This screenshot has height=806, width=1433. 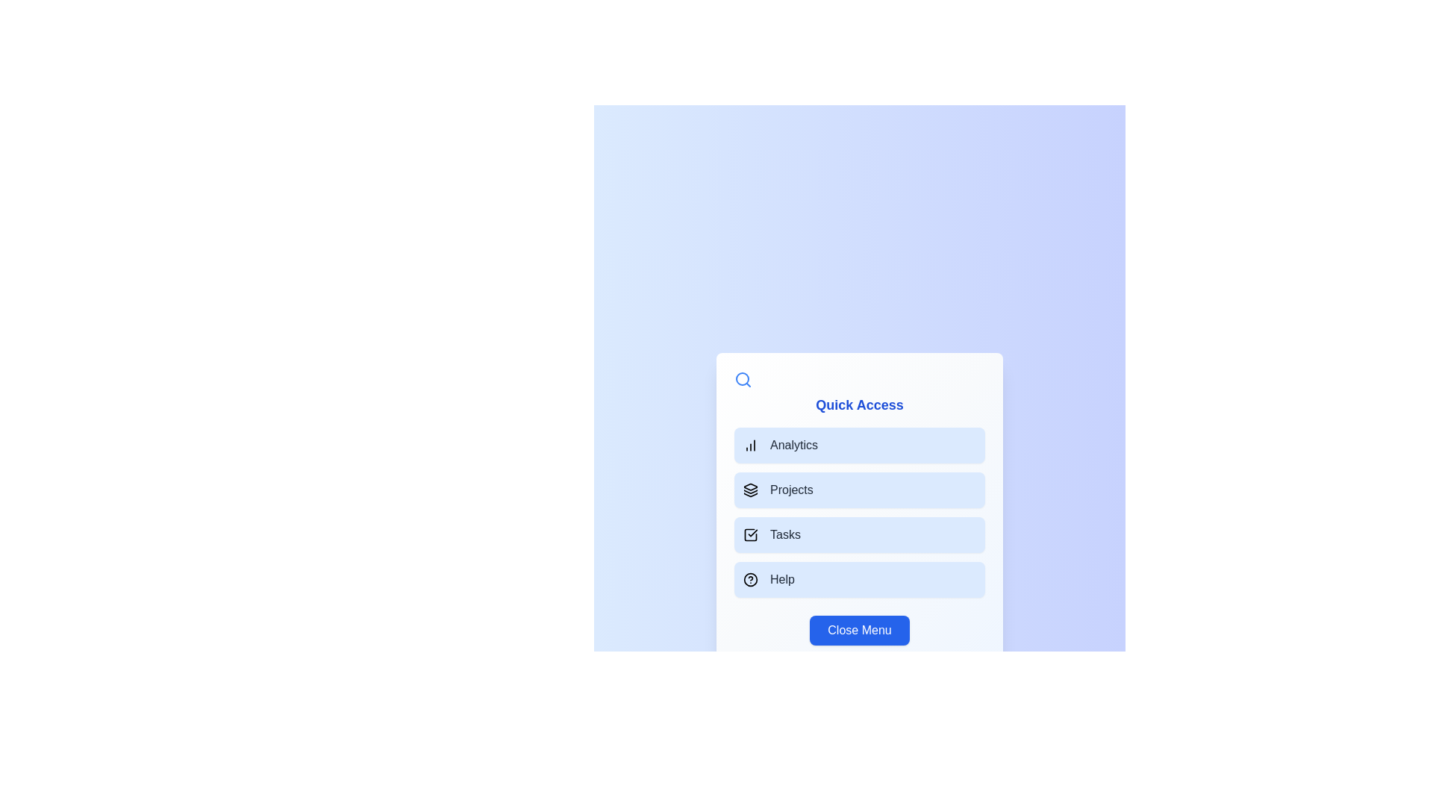 What do you see at coordinates (860, 445) in the screenshot?
I see `the menu option Analytics to navigate to its respective section` at bounding box center [860, 445].